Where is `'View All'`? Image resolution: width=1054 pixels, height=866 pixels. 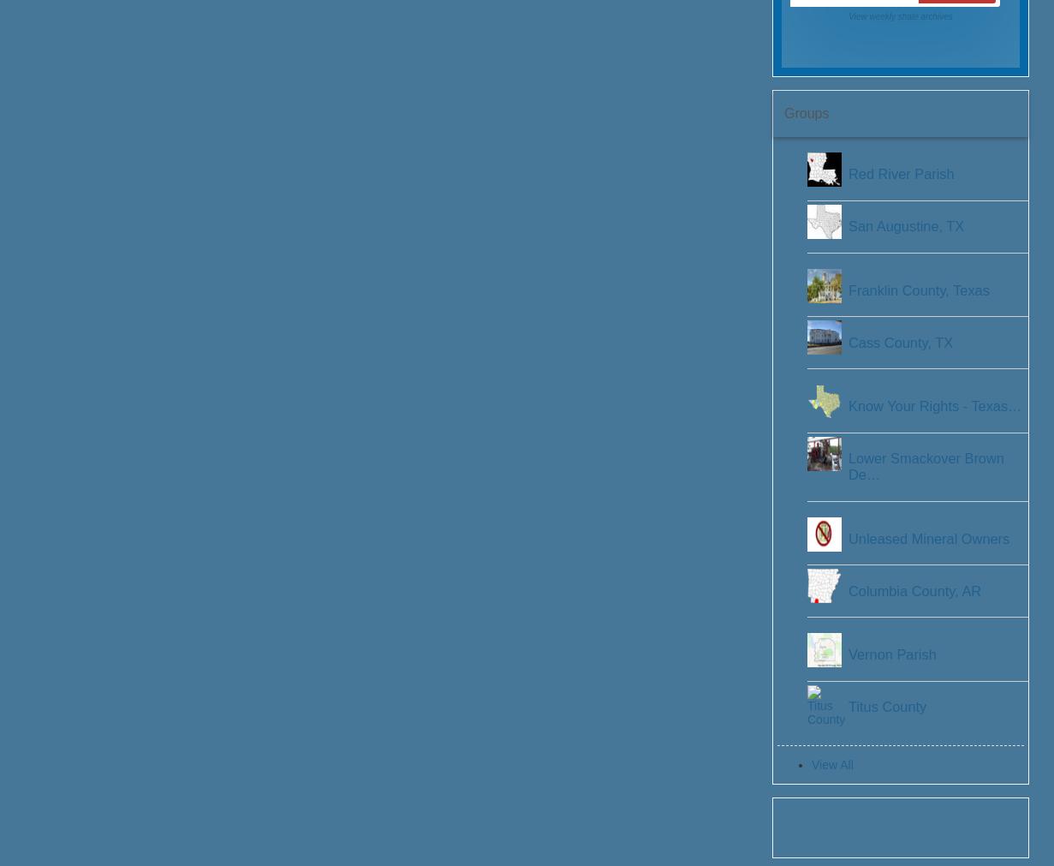
'View All' is located at coordinates (831, 764).